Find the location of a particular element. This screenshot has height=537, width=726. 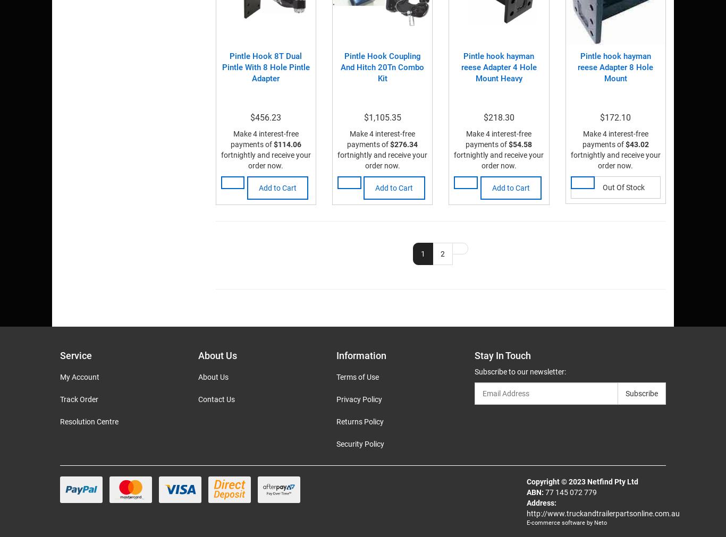

'Pintle Hook 8T Dual Pintle With 8 Hole Pintle Adapter' is located at coordinates (265, 66).